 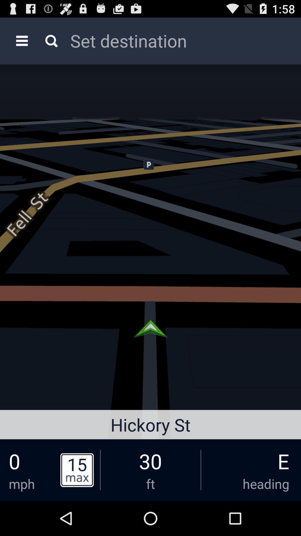 What do you see at coordinates (177, 40) in the screenshot?
I see `the button which is to the right of search button` at bounding box center [177, 40].